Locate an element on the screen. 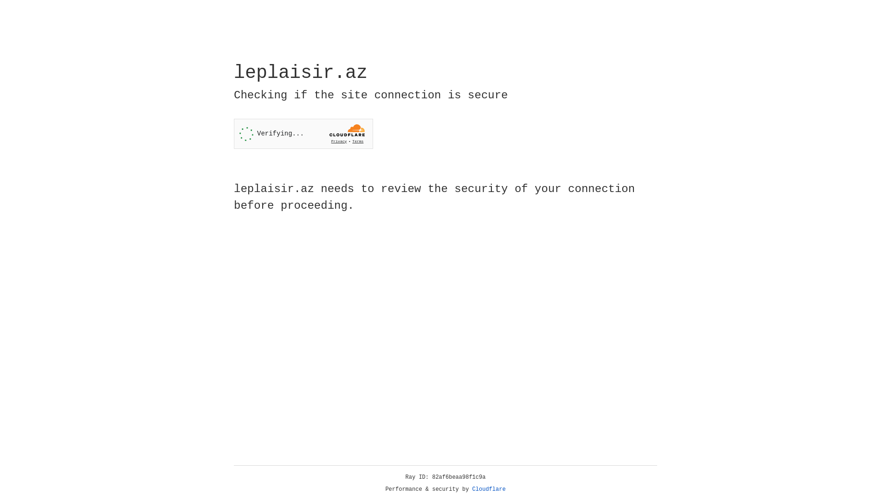  'Widget containing a Cloudflare security challenge' is located at coordinates (303, 134).